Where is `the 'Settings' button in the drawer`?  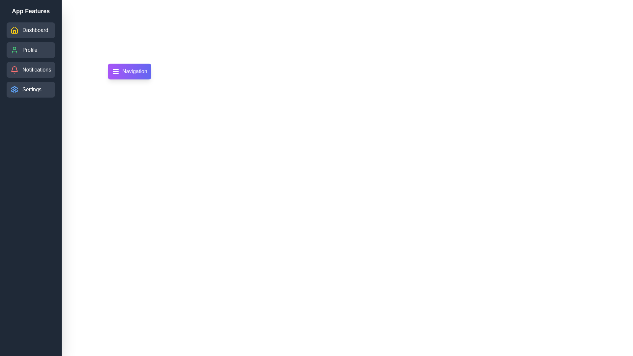
the 'Settings' button in the drawer is located at coordinates (30, 90).